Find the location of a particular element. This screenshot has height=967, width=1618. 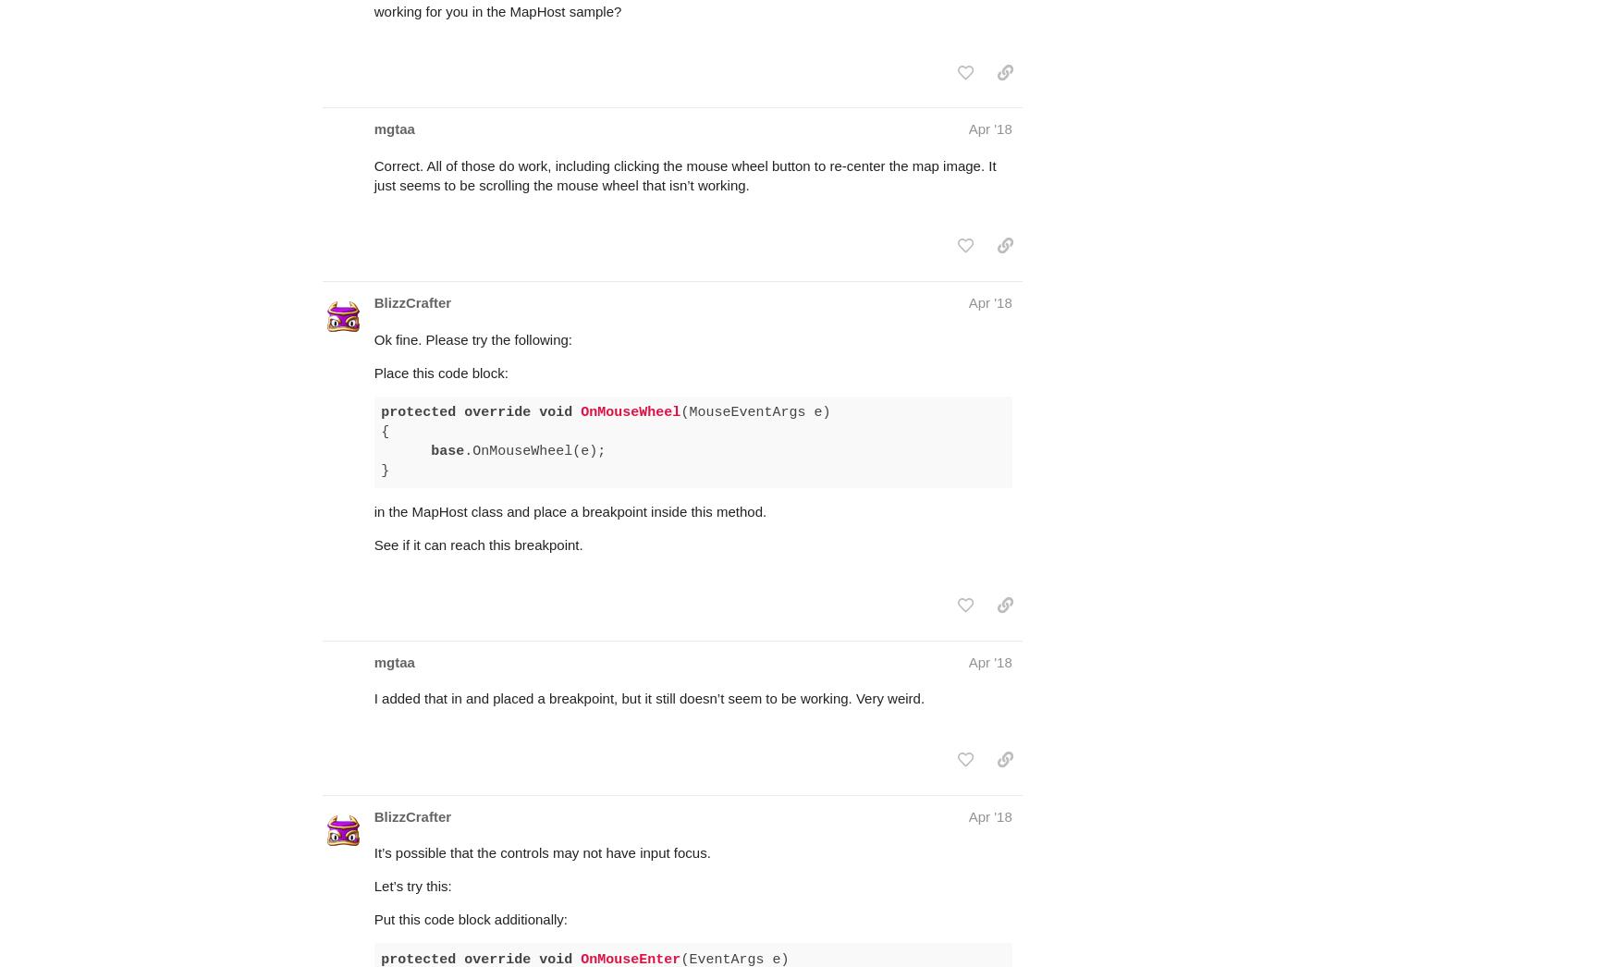

'OnMouseEnter' is located at coordinates (629, 886).